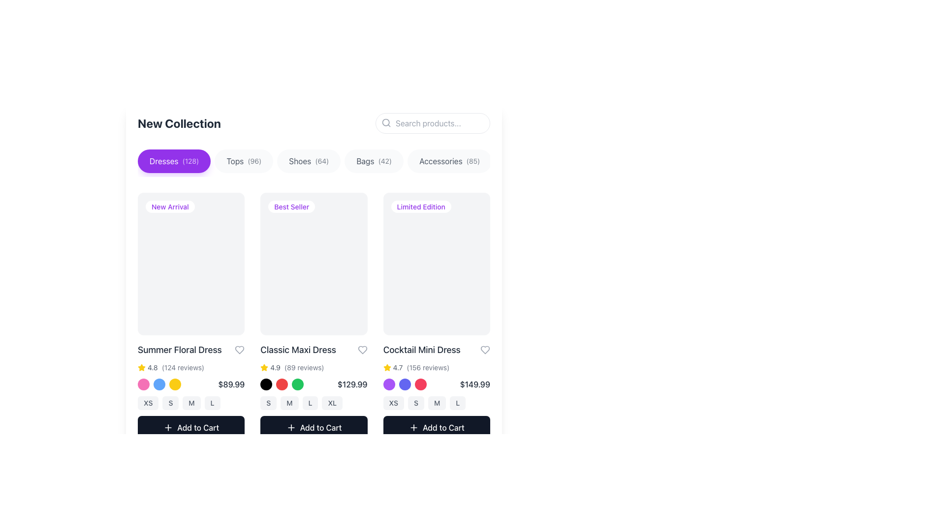 This screenshot has height=531, width=945. I want to click on the 'Limited Edition' label located at the top-left corner of the third product card, so click(421, 206).